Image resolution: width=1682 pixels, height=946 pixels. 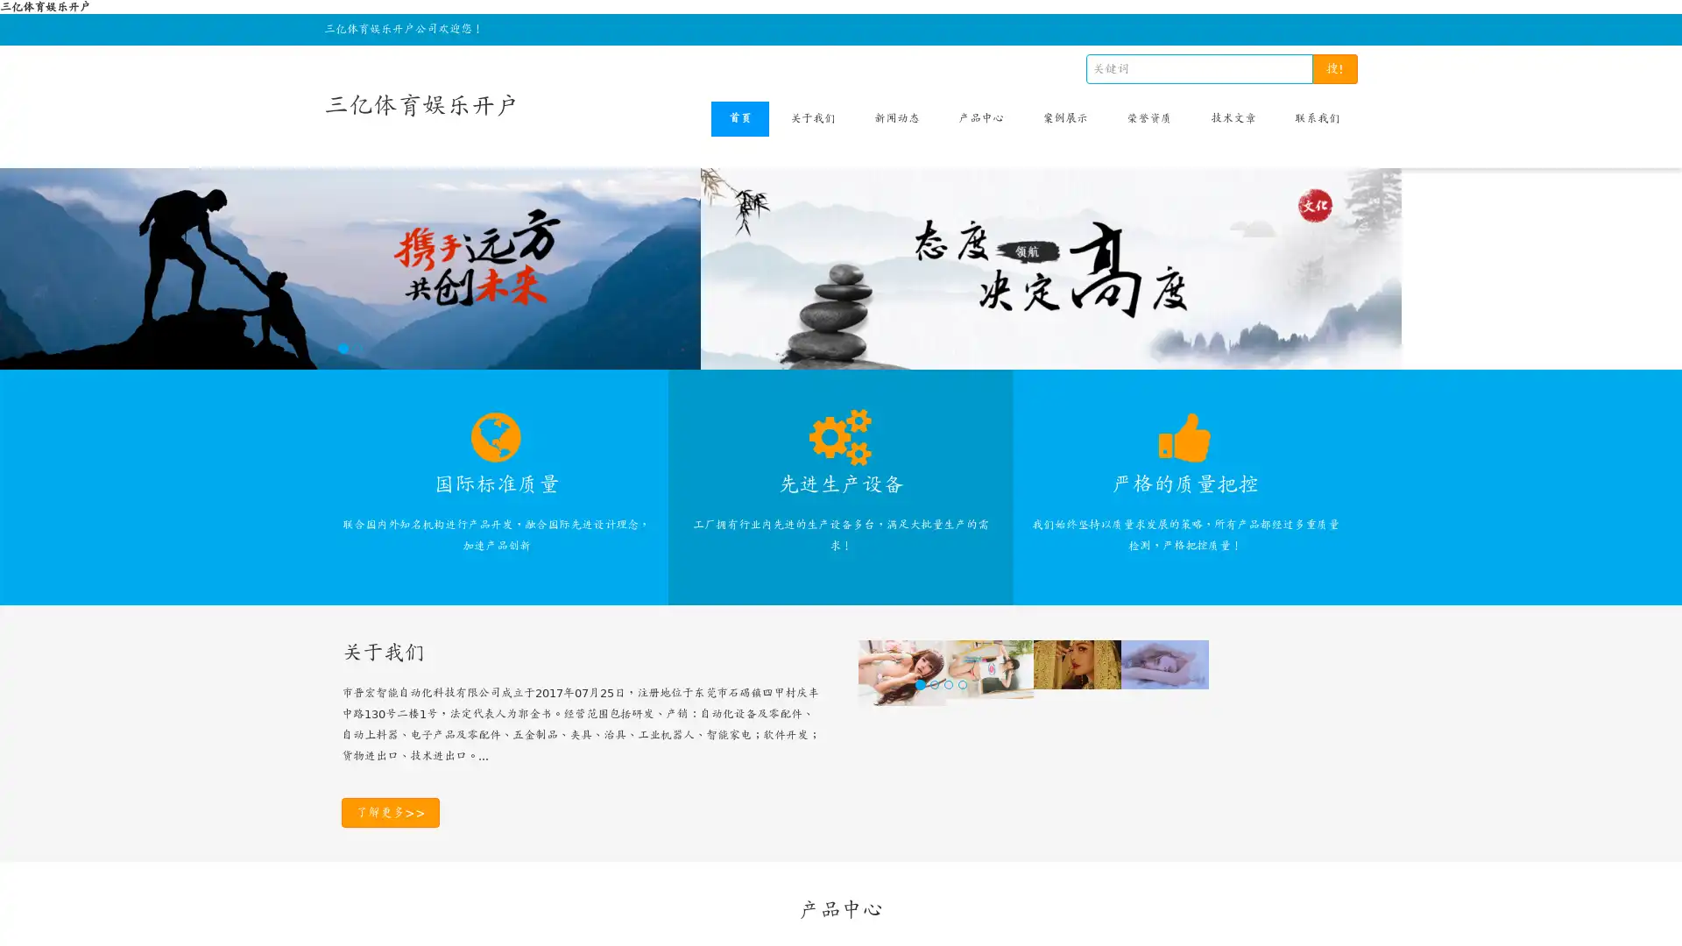 What do you see at coordinates (1334, 67) in the screenshot?
I see `!` at bounding box center [1334, 67].